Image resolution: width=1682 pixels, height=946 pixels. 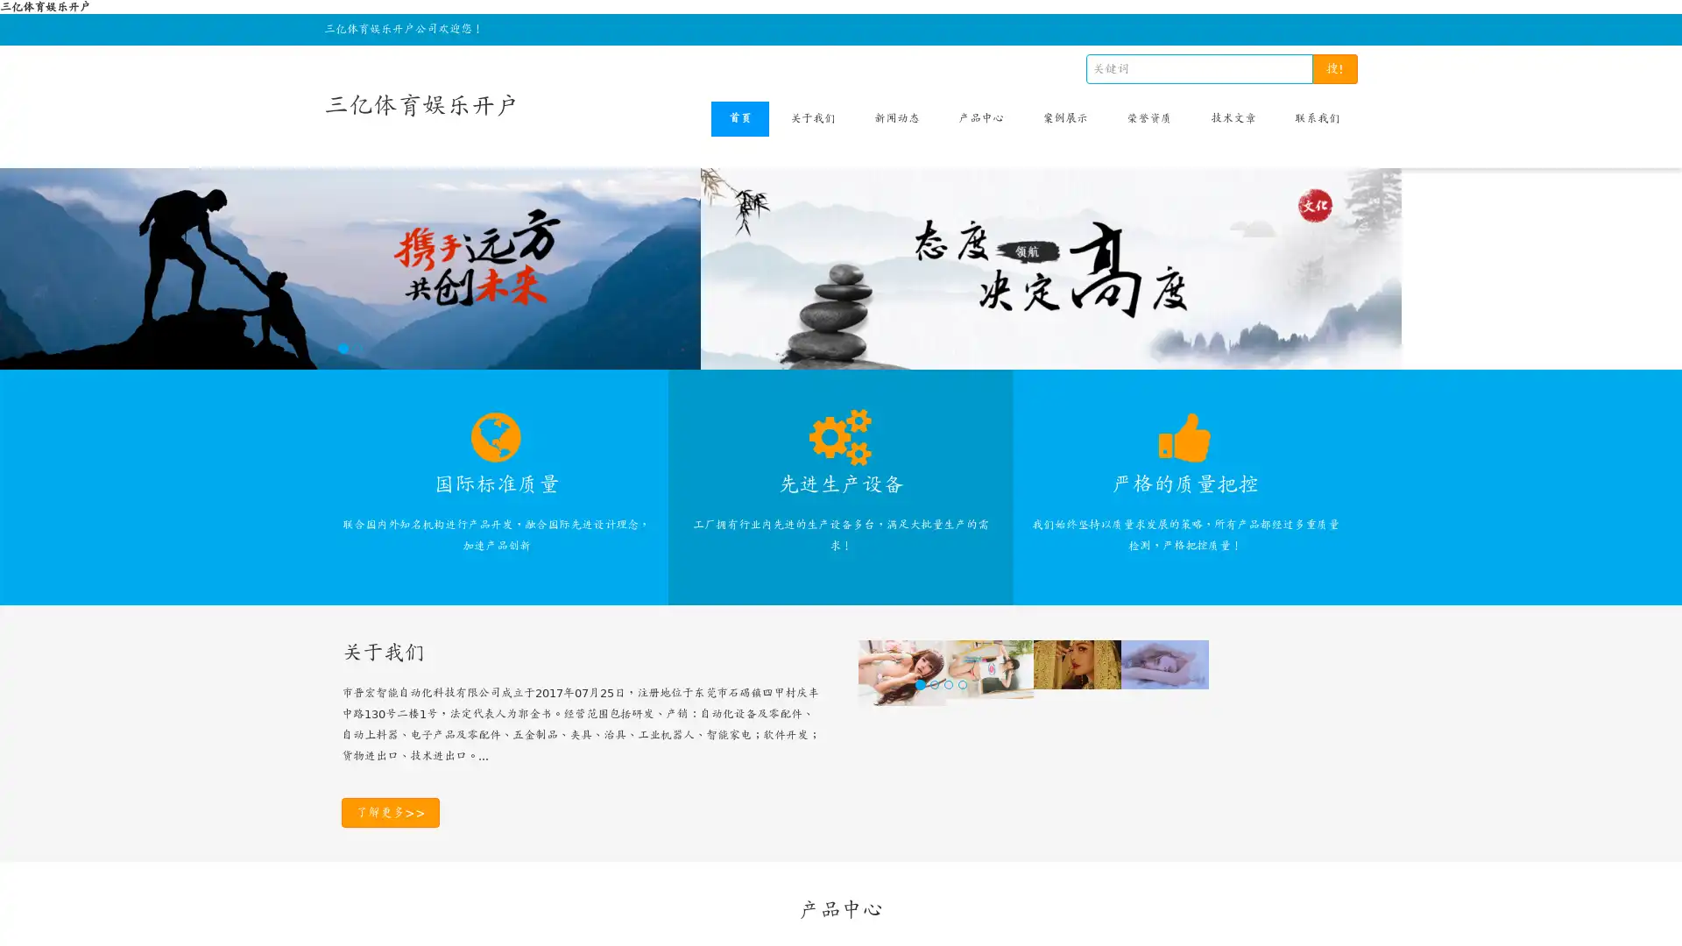 What do you see at coordinates (1334, 67) in the screenshot?
I see `!` at bounding box center [1334, 67].